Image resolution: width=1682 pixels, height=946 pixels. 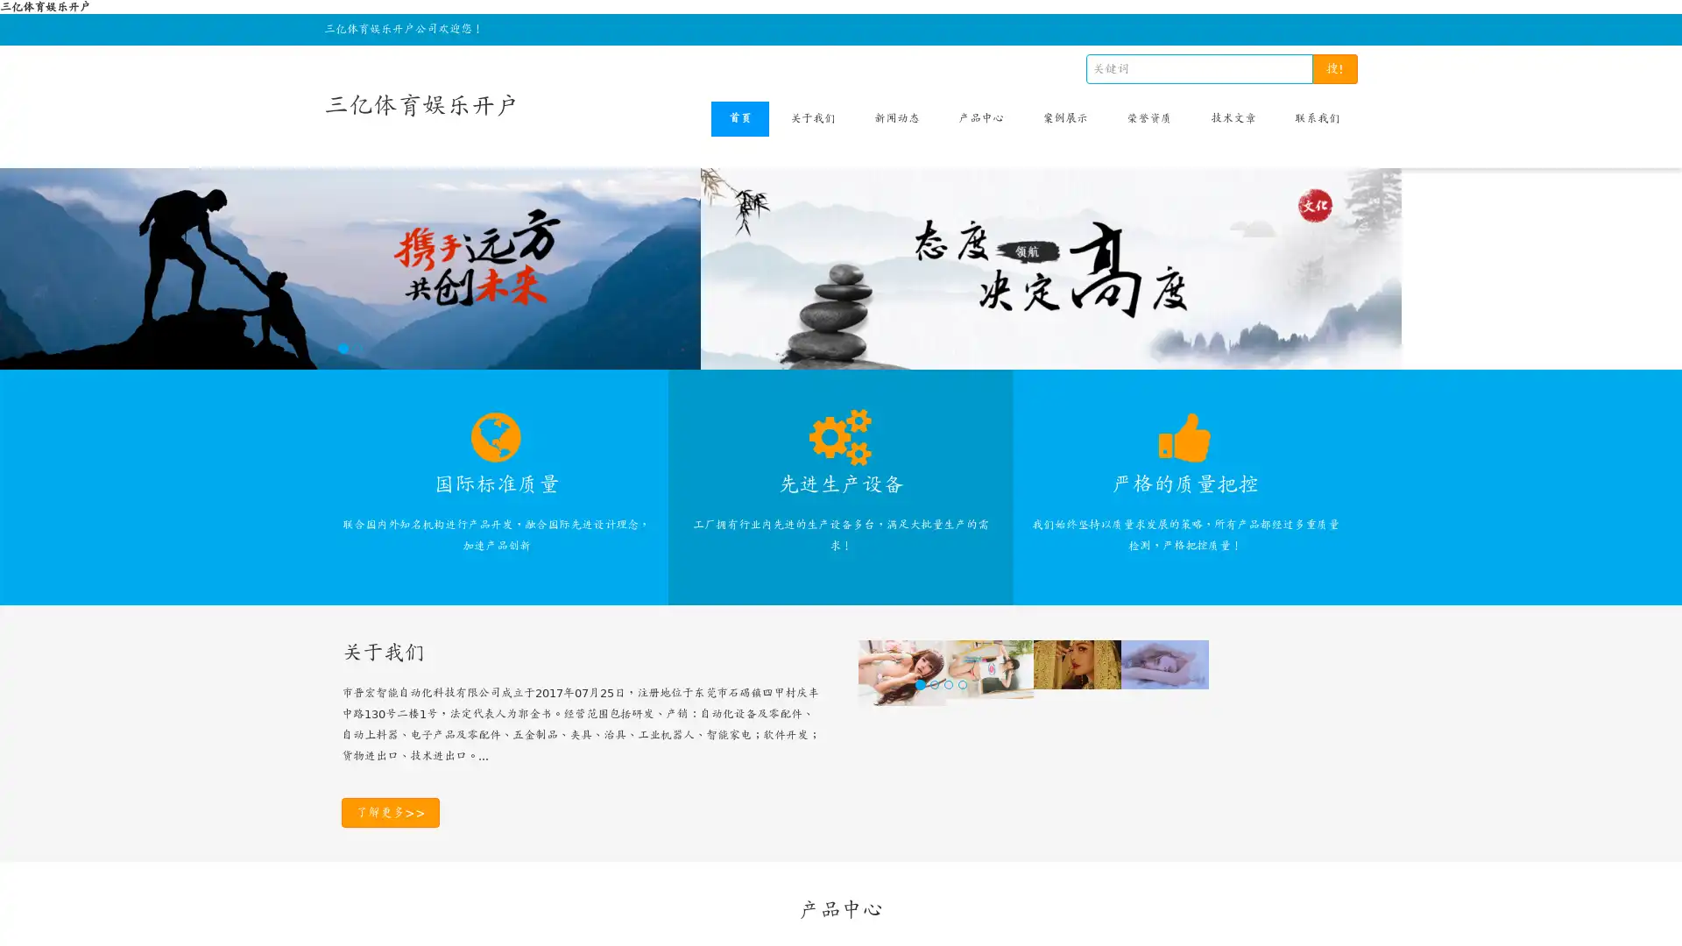 What do you see at coordinates (1334, 67) in the screenshot?
I see `!` at bounding box center [1334, 67].